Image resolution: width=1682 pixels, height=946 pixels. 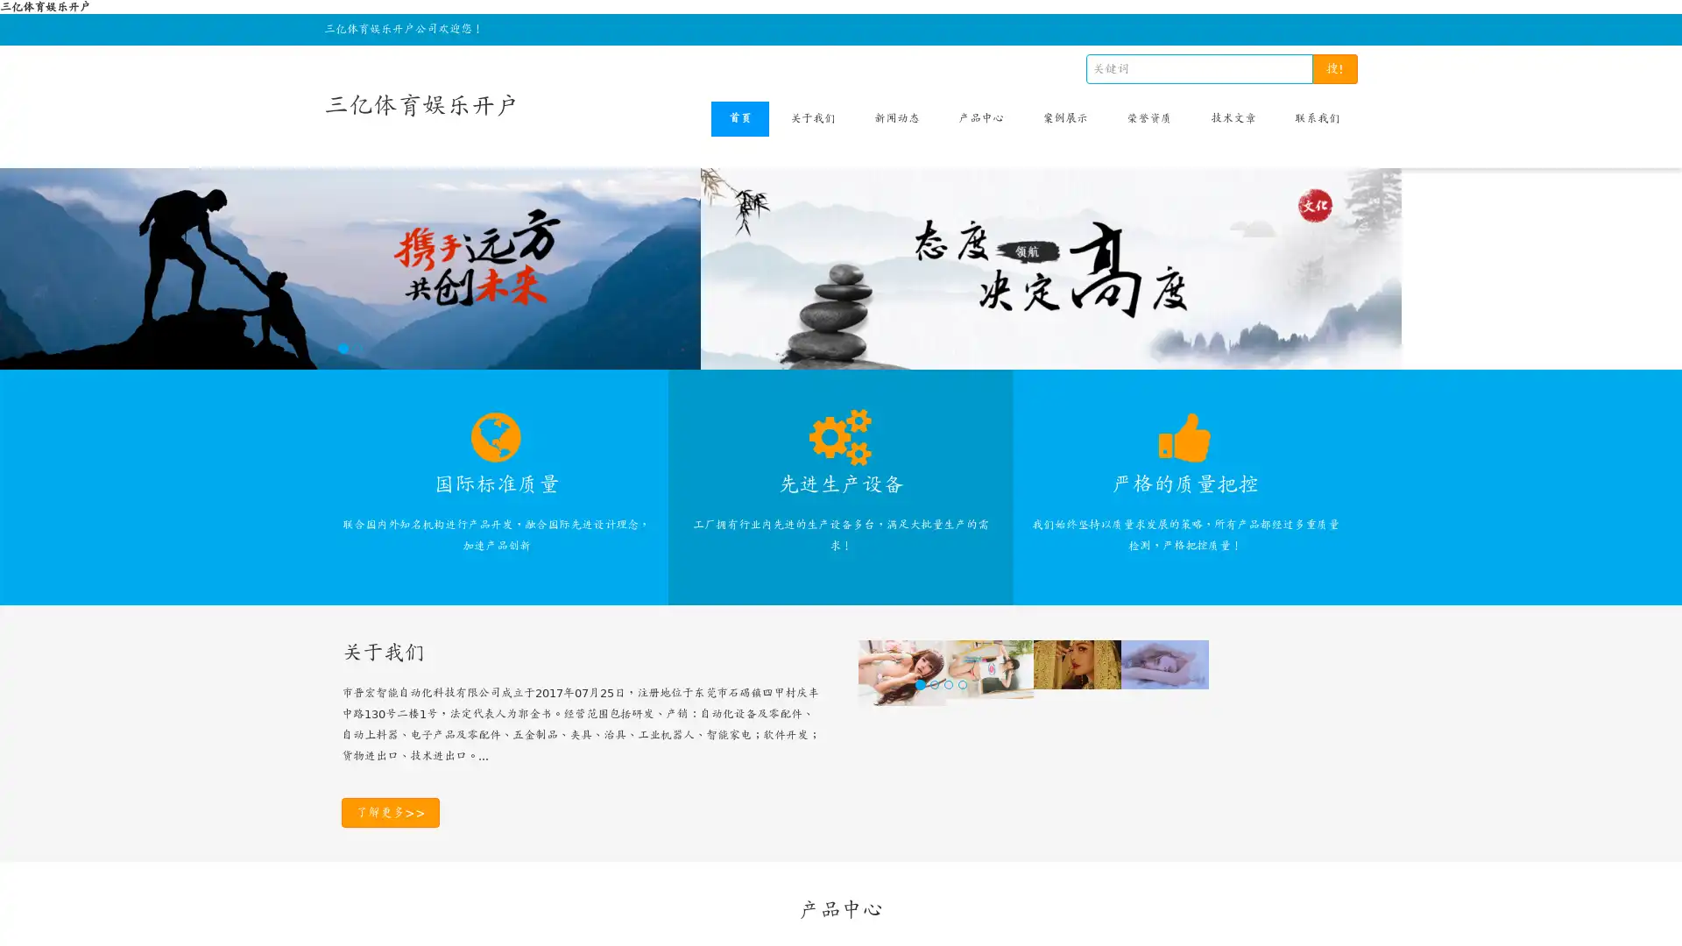 What do you see at coordinates (1334, 67) in the screenshot?
I see `!` at bounding box center [1334, 67].